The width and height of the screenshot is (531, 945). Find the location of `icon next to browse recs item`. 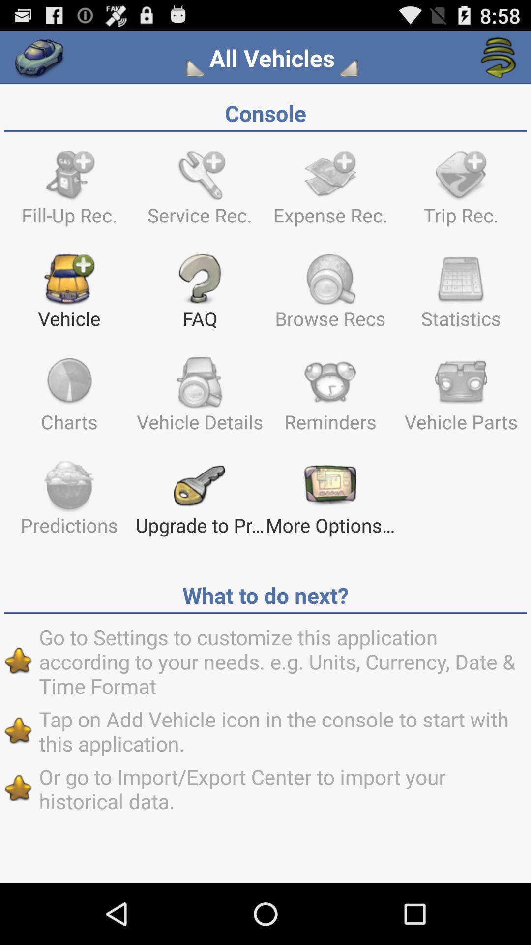

icon next to browse recs item is located at coordinates (461, 295).